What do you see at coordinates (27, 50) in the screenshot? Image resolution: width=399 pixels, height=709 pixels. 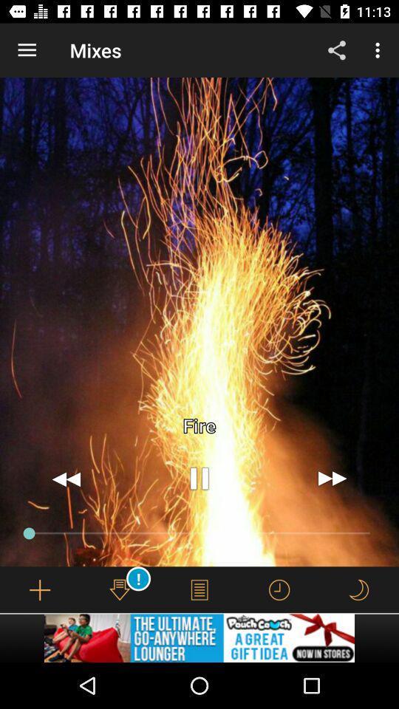 I see `icon to the left of the mixes item` at bounding box center [27, 50].